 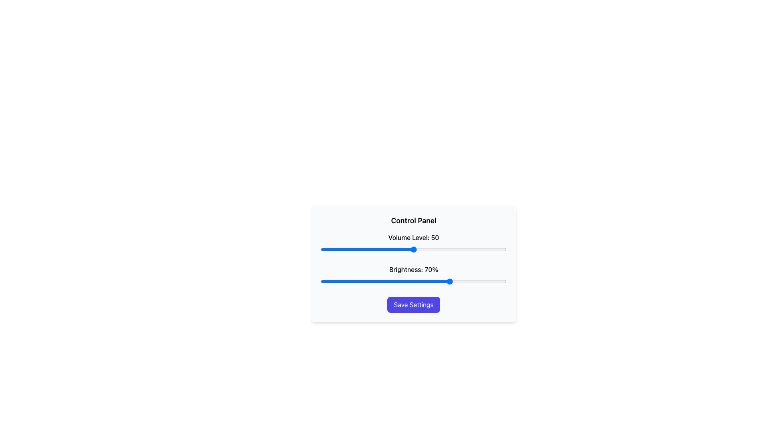 I want to click on brightness, so click(x=359, y=281).